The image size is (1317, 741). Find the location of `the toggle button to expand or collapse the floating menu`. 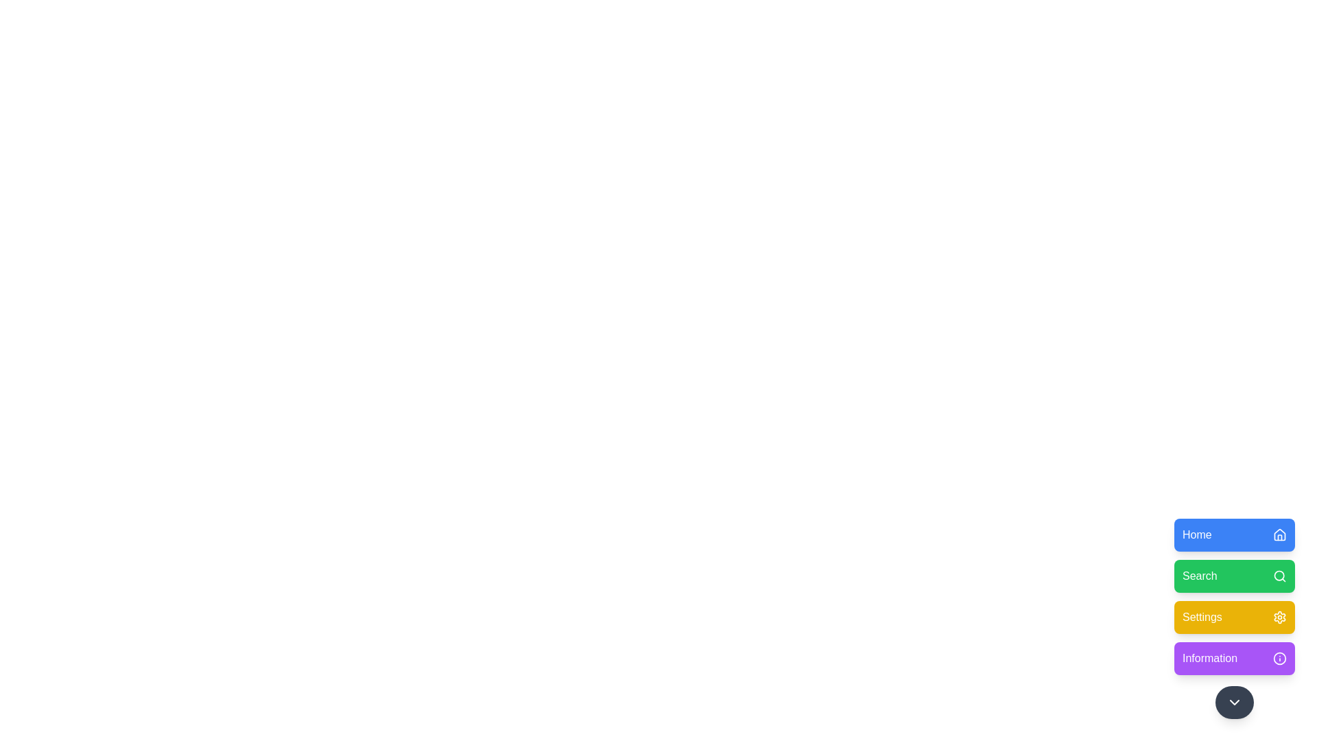

the toggle button to expand or collapse the floating menu is located at coordinates (1235, 702).